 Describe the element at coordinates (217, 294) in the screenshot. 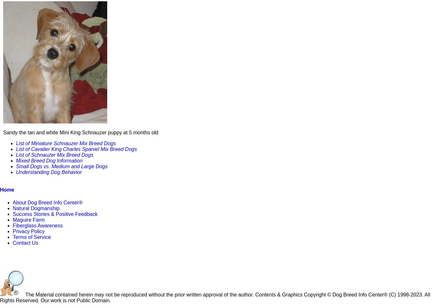

I see `'The Material contained herein may not be reproduced without the prior written approval of the author. Contents & Graphics Copyright © Dog Breed Info Center® (C) 1998-'` at that location.